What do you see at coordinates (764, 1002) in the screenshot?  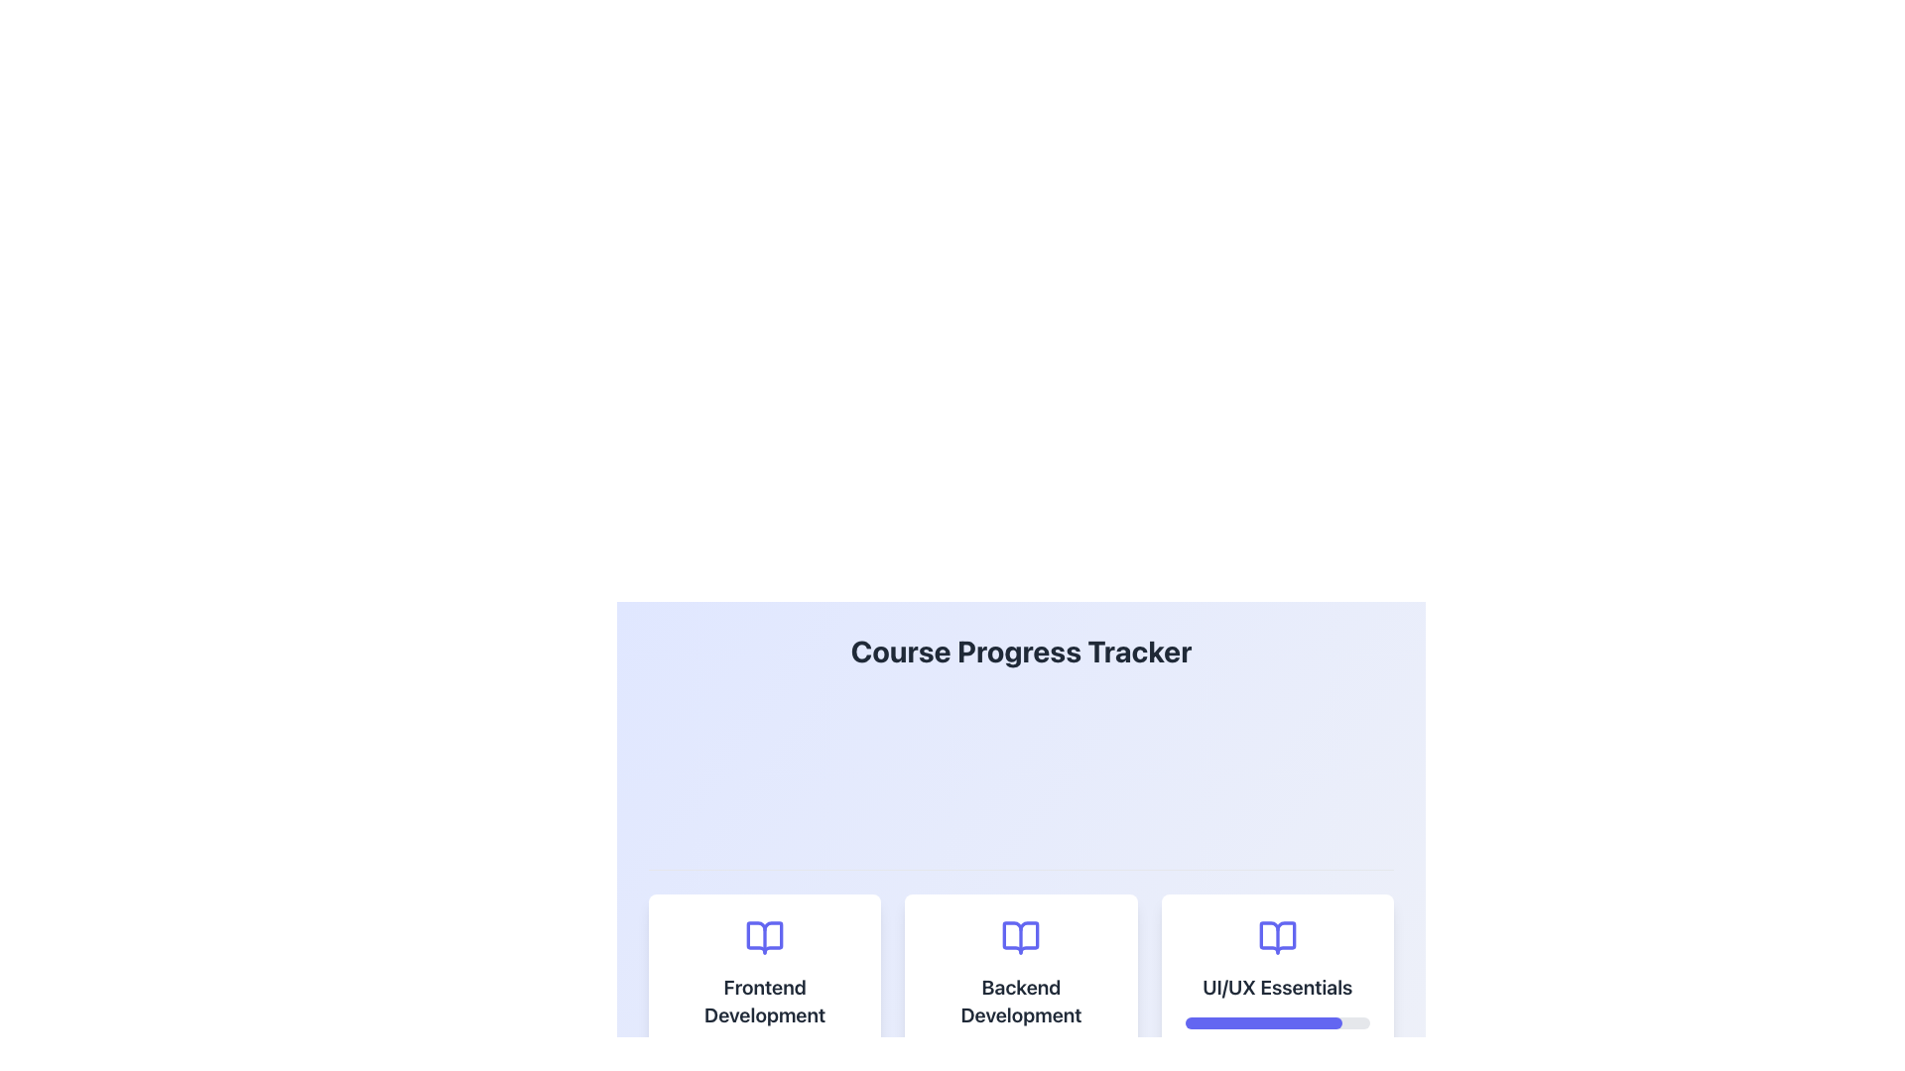 I see `the static text label displaying 'Frontend Development', which is centrally aligned beneath an open book icon in a card-like section` at bounding box center [764, 1002].